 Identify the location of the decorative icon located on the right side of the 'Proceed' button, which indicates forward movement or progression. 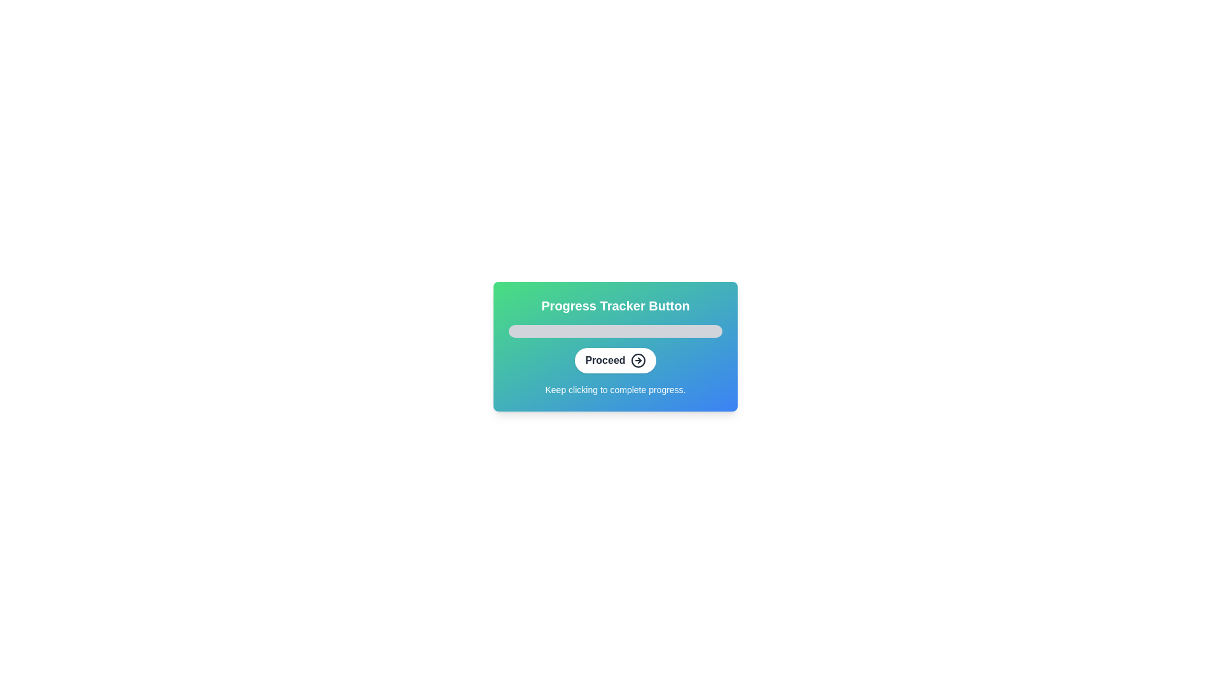
(638, 361).